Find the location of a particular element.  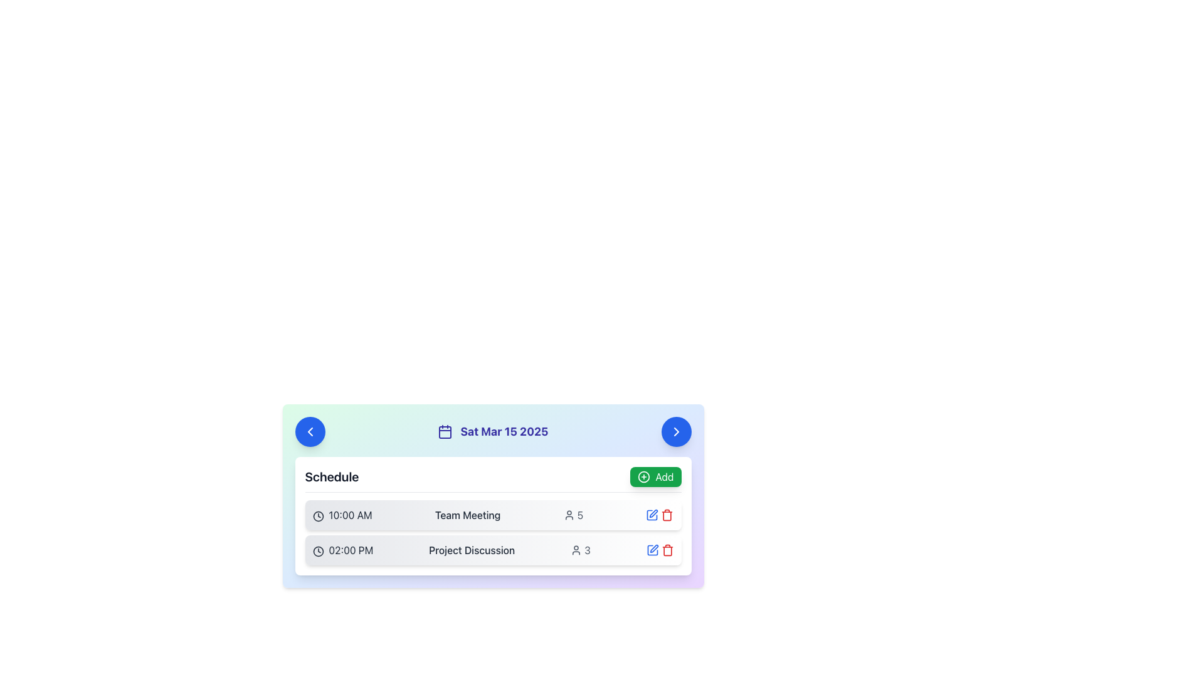

the add icon located at the top-right of the schedule section is located at coordinates (644, 476).